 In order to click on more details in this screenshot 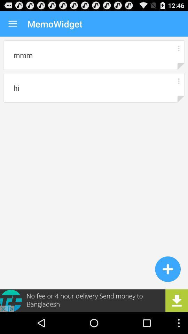, I will do `click(179, 48)`.